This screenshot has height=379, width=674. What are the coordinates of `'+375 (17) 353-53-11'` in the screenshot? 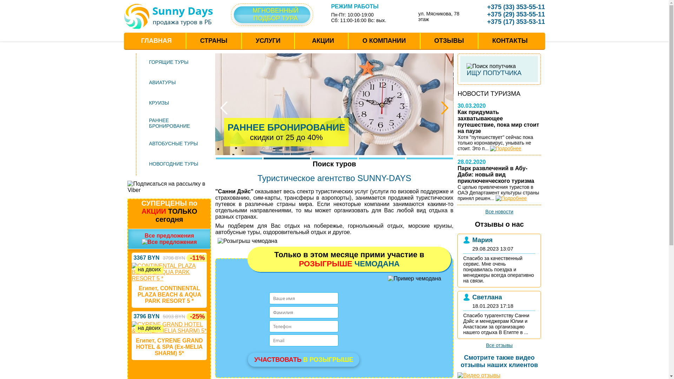 It's located at (511, 21).